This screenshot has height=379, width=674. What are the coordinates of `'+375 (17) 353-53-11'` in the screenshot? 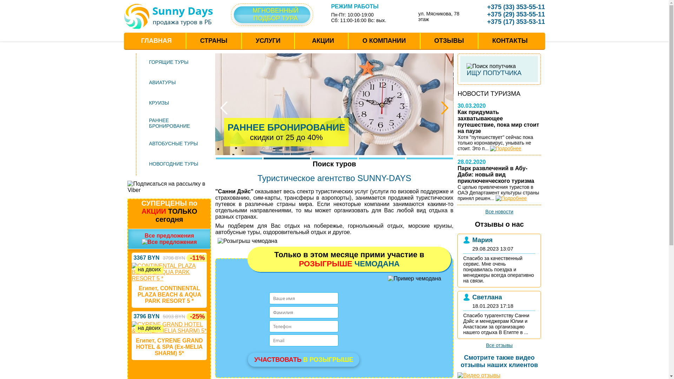 It's located at (511, 21).